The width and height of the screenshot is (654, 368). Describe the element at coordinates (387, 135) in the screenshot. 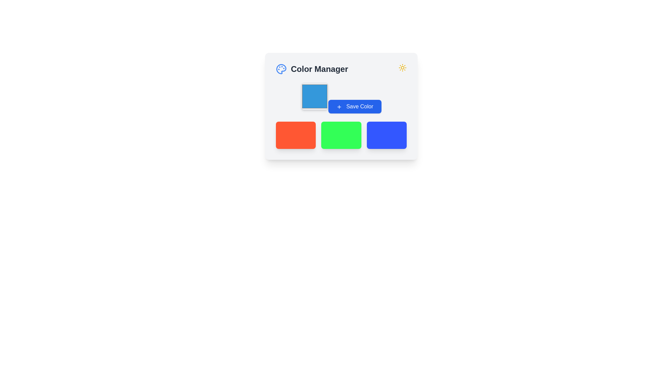

I see `the third rectangular box in the grid layout that represents a blue color, which serves as a visual representation or placeholder` at that location.